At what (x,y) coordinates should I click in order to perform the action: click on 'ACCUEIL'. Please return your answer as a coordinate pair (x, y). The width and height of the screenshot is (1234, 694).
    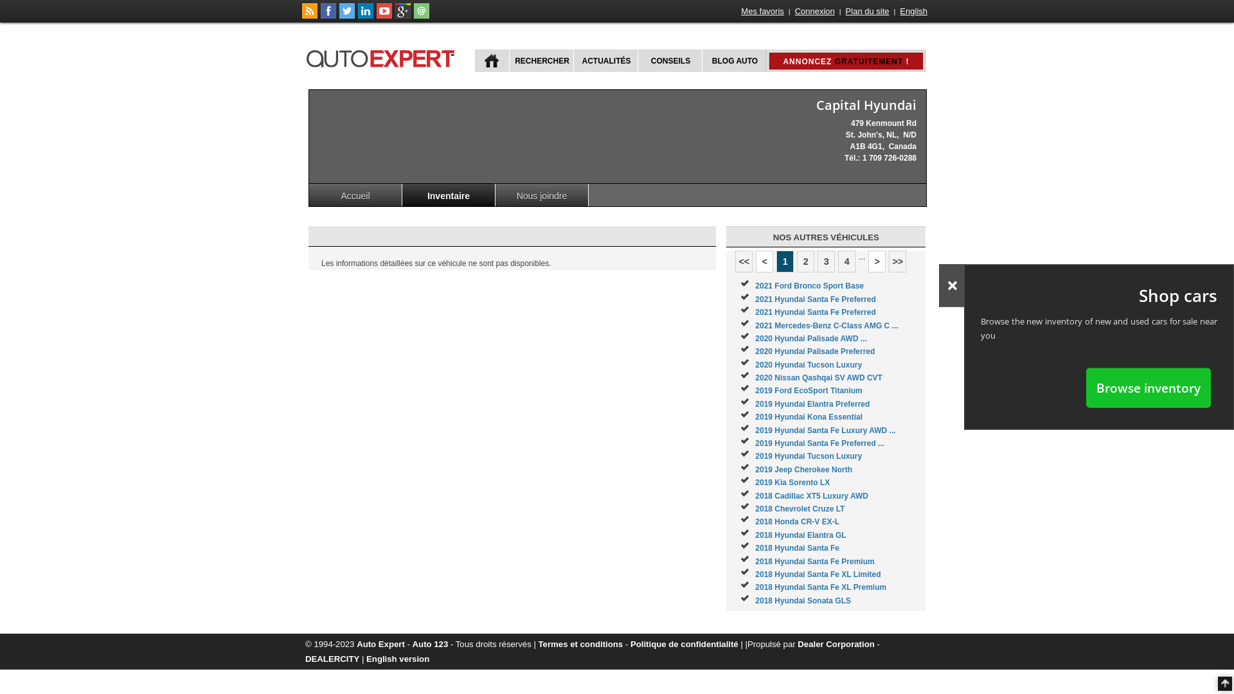
    Looking at the image, I should click on (491, 60).